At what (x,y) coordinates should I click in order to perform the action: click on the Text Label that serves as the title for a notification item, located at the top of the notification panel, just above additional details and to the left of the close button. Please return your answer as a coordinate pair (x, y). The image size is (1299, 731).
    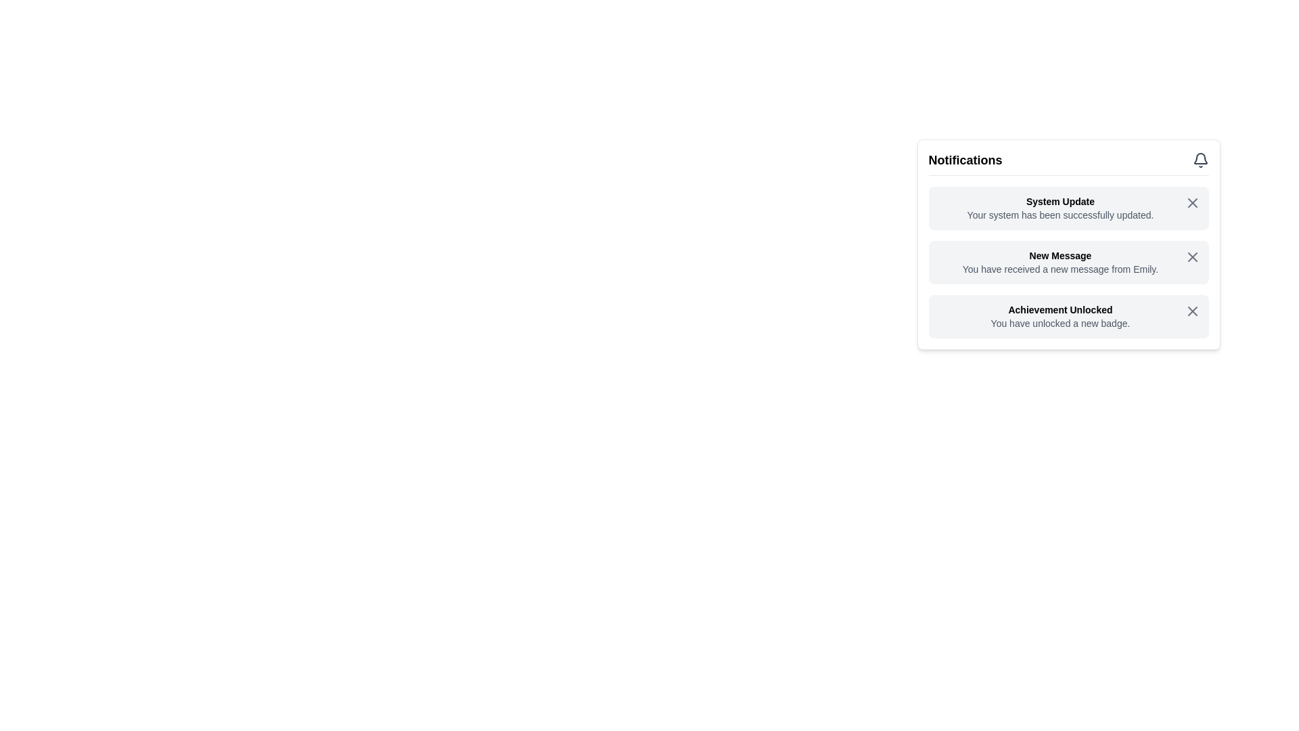
    Looking at the image, I should click on (1059, 201).